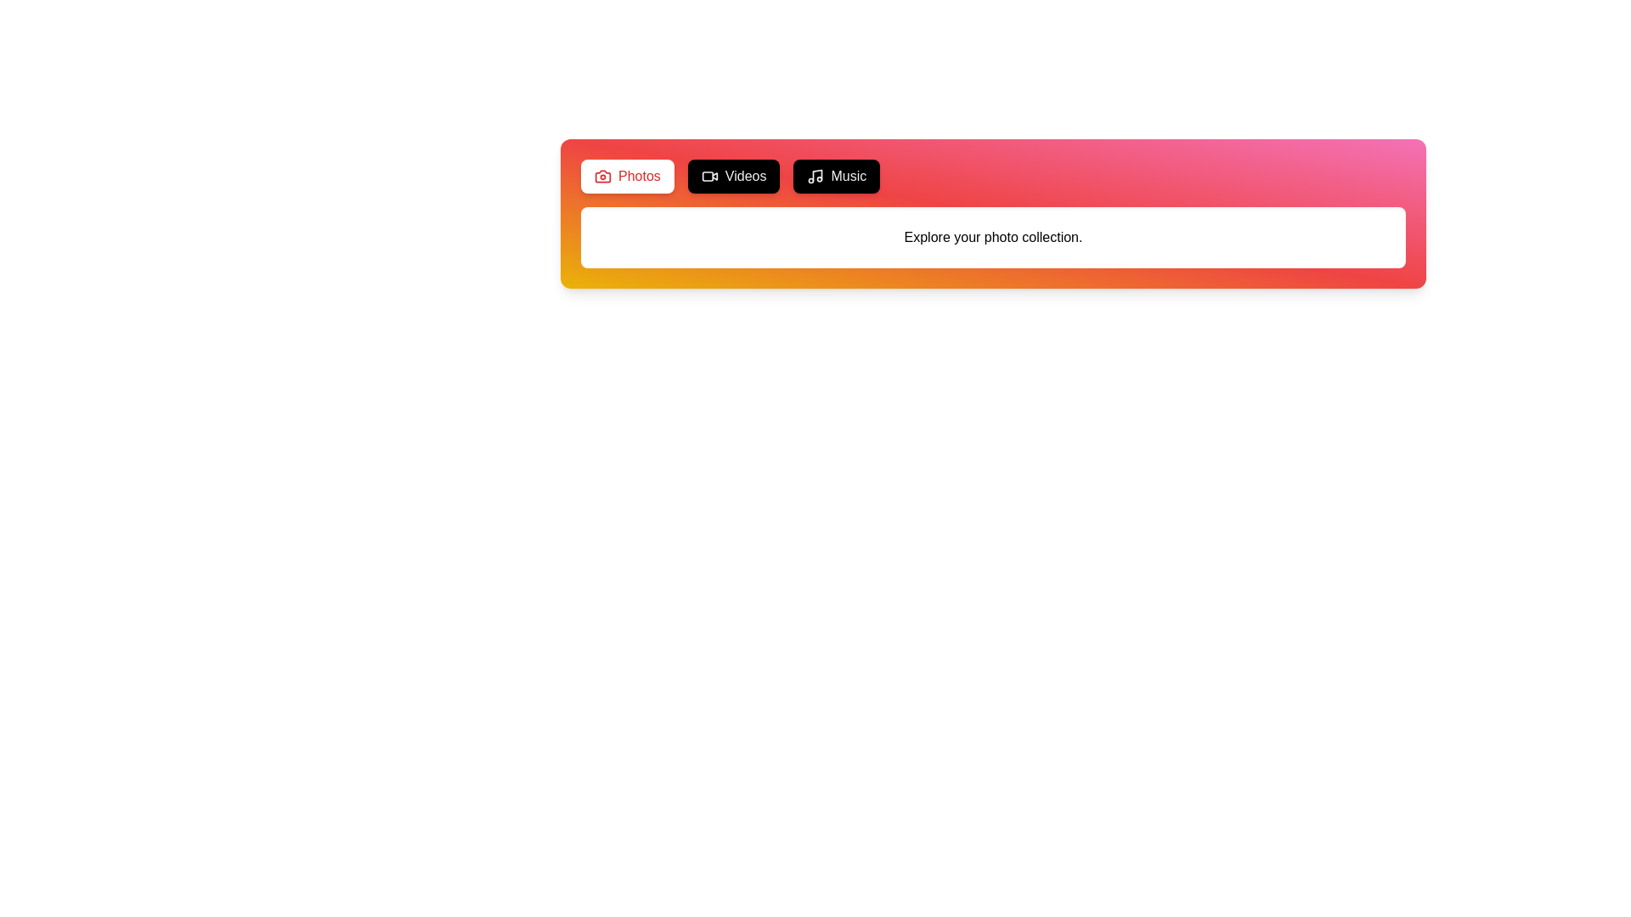  I want to click on the Music tab to view its content, so click(837, 177).